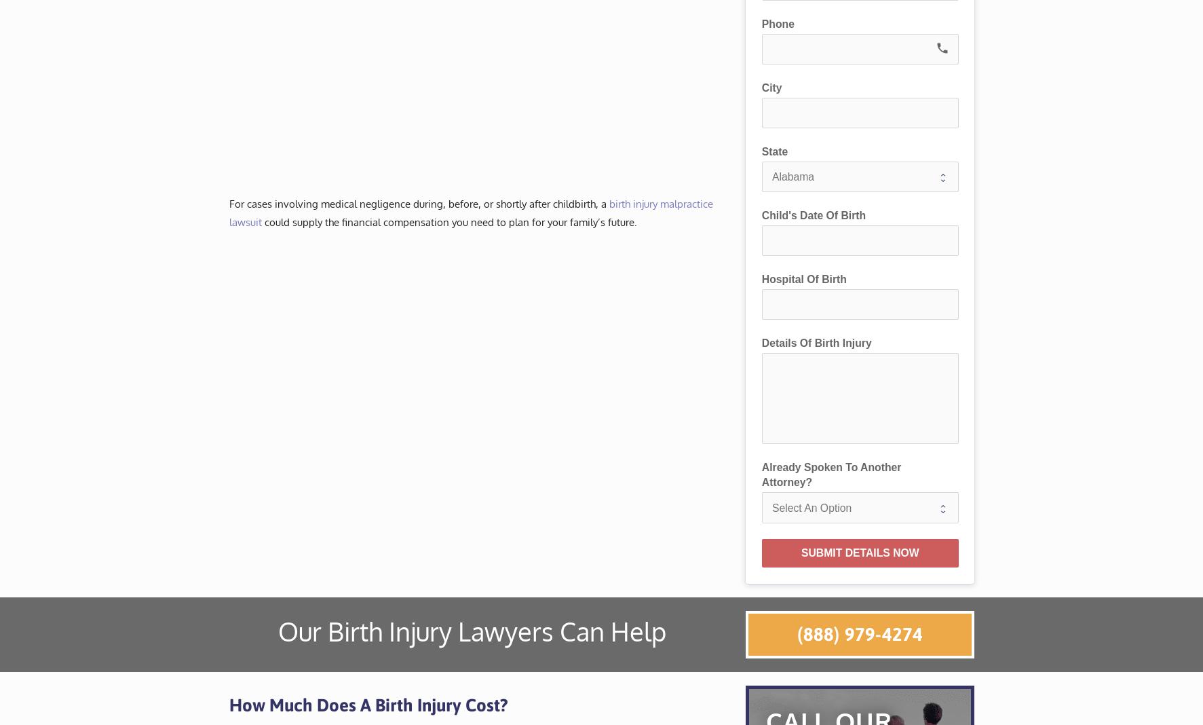 The image size is (1203, 725). Describe the element at coordinates (813, 214) in the screenshot. I see `'Child's Date Of Birth'` at that location.